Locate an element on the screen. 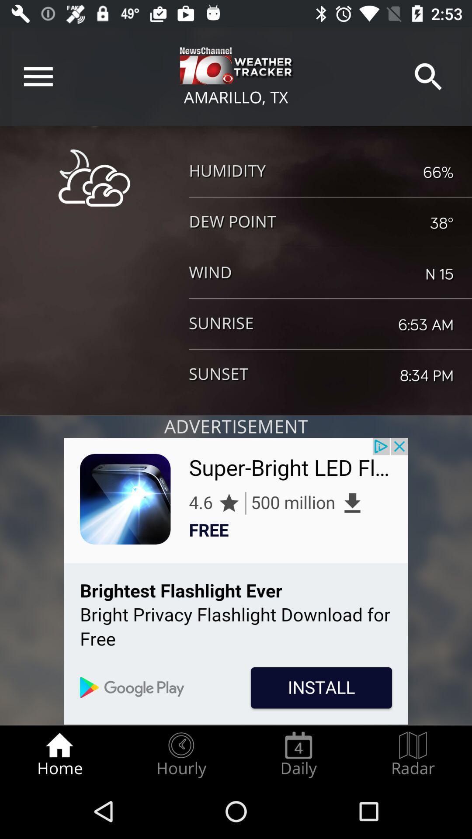 This screenshot has height=839, width=472. home is located at coordinates (59, 754).